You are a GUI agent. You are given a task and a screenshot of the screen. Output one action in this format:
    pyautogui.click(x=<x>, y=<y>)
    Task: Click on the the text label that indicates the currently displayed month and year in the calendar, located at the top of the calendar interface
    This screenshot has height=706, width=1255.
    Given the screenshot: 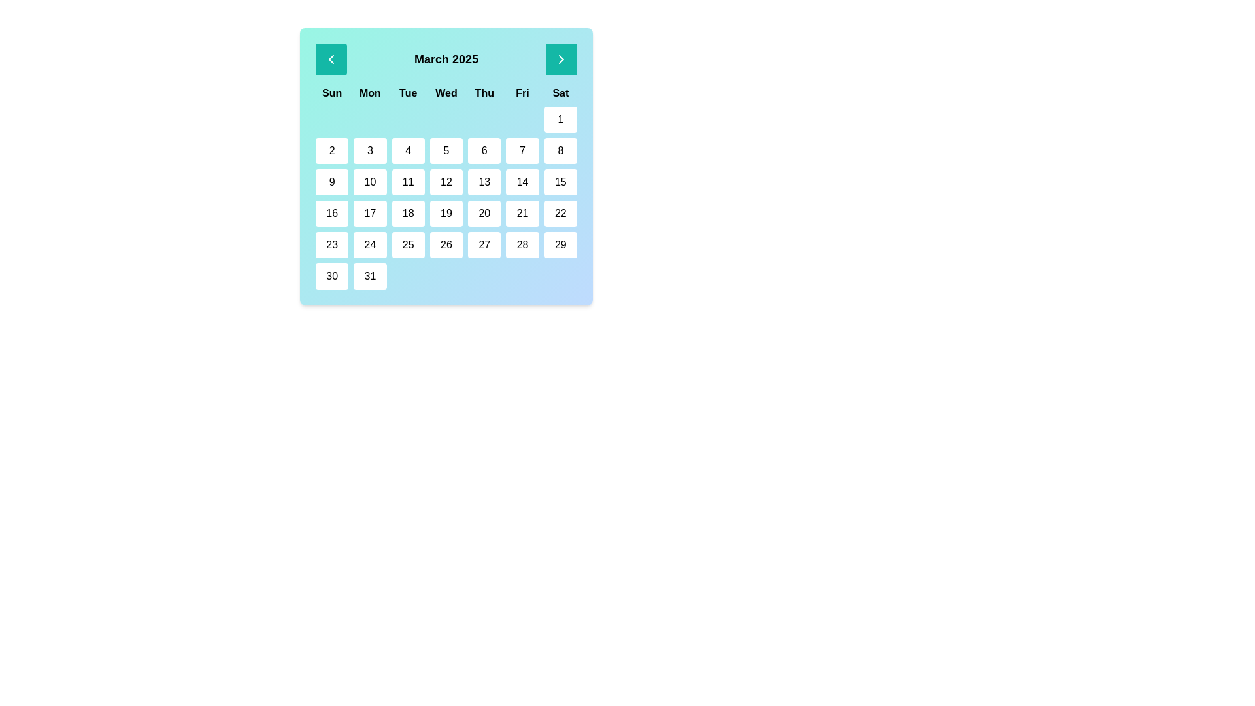 What is the action you would take?
    pyautogui.click(x=446, y=59)
    